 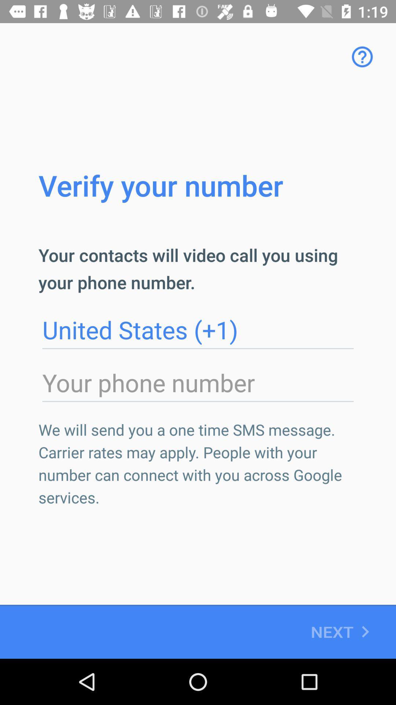 I want to click on phone number, so click(x=198, y=383).